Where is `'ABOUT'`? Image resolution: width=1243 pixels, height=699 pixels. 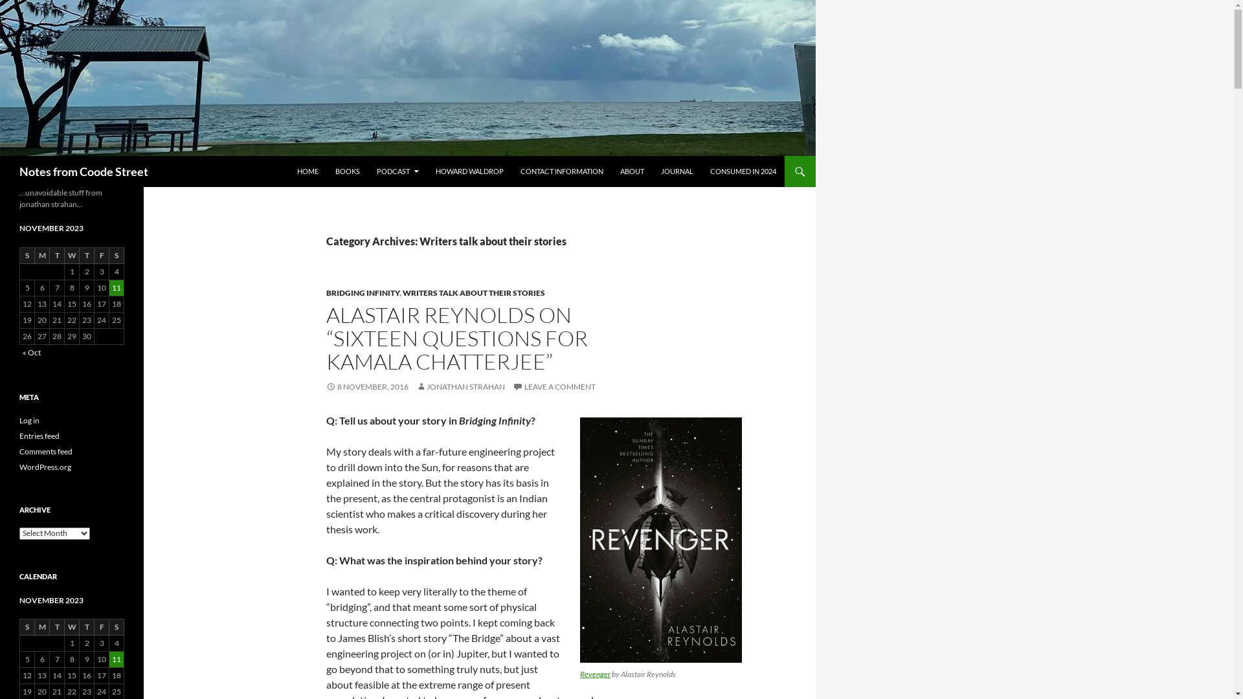 'ABOUT' is located at coordinates (632, 171).